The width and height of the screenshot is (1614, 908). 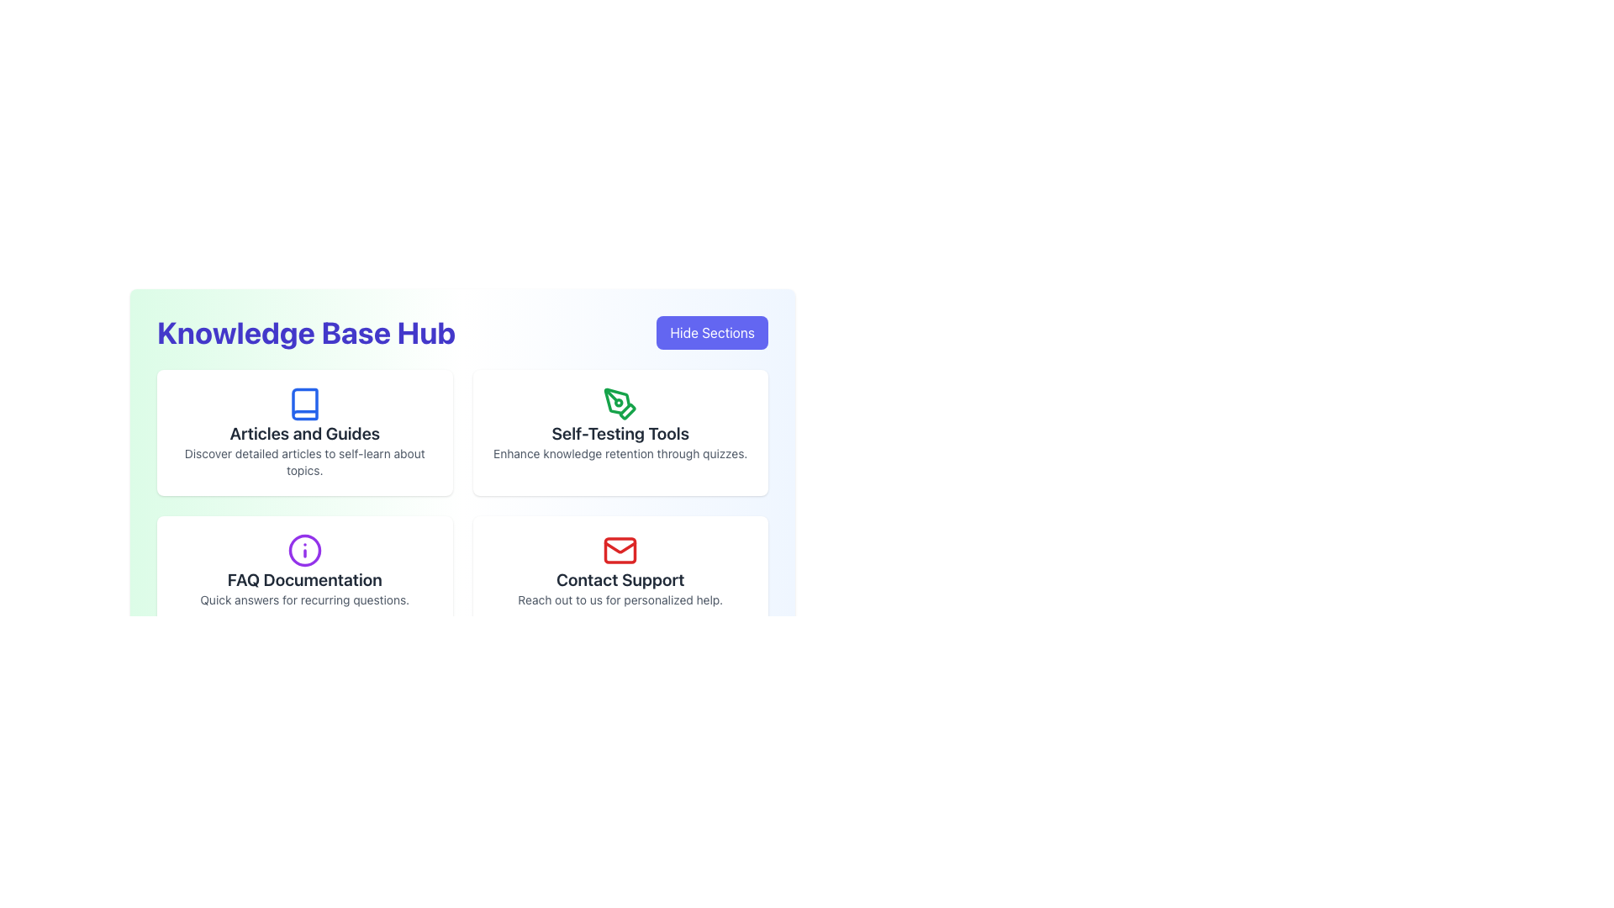 I want to click on the text label displaying 'Self-Testing Tools' in the second card of the 'Knowledge Base Hub' section, so click(x=620, y=433).